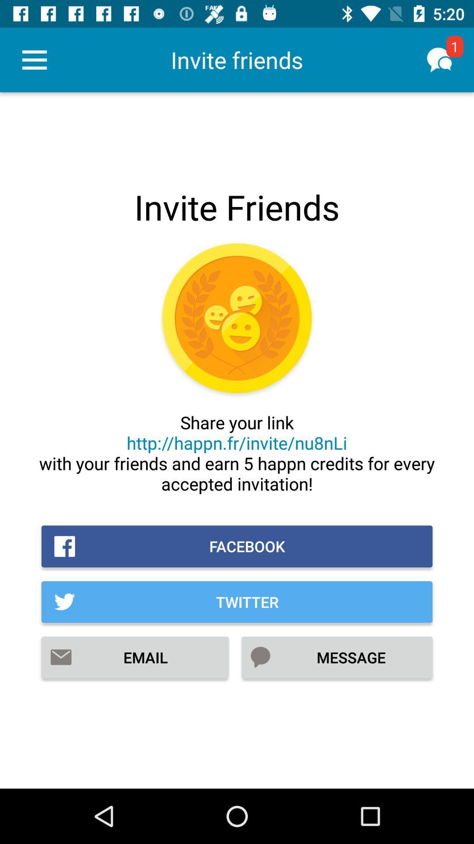  What do you see at coordinates (135, 657) in the screenshot?
I see `email item` at bounding box center [135, 657].